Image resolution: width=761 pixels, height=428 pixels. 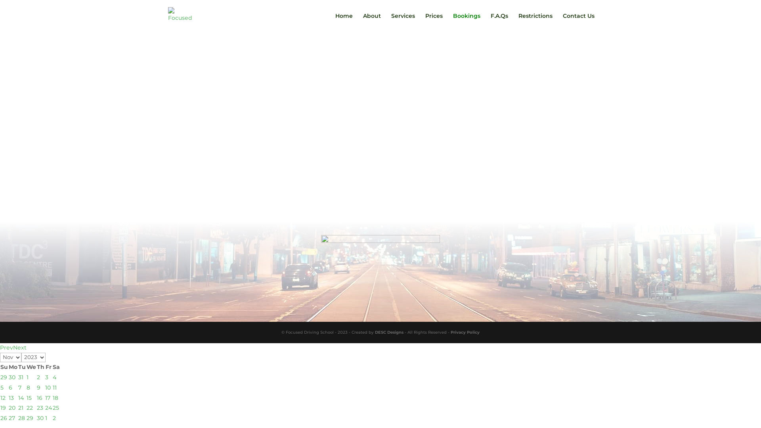 What do you see at coordinates (433, 22) in the screenshot?
I see `'Prices'` at bounding box center [433, 22].